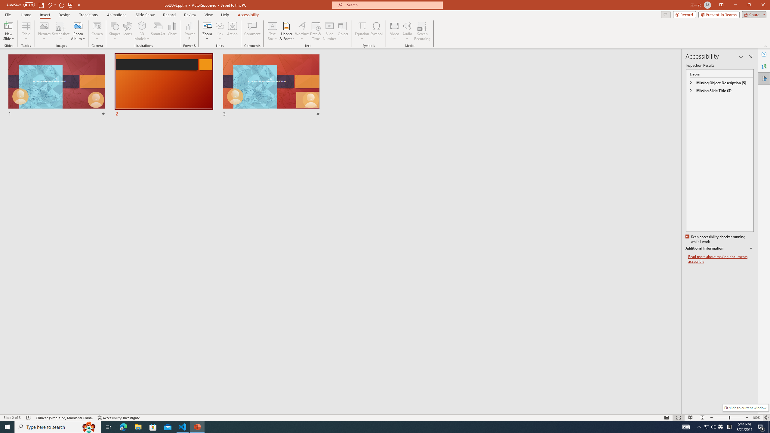  I want to click on 'Shapes', so click(114, 31).